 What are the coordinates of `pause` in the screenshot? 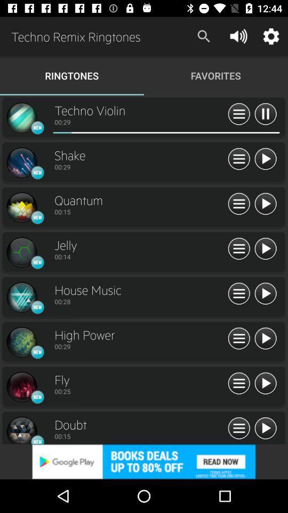 It's located at (265, 114).